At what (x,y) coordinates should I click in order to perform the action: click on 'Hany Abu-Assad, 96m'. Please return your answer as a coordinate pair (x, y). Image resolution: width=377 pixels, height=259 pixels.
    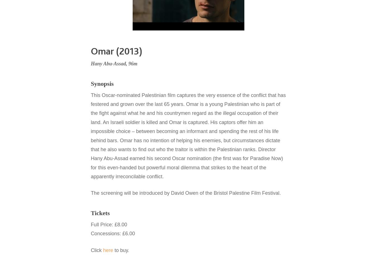
    Looking at the image, I should click on (114, 64).